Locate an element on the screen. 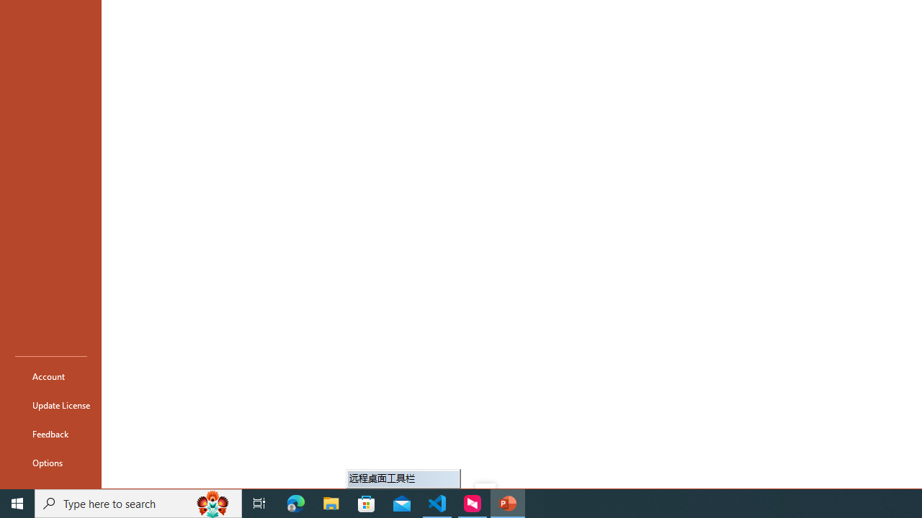 This screenshot has width=922, height=518. 'Options' is located at coordinates (51, 462).